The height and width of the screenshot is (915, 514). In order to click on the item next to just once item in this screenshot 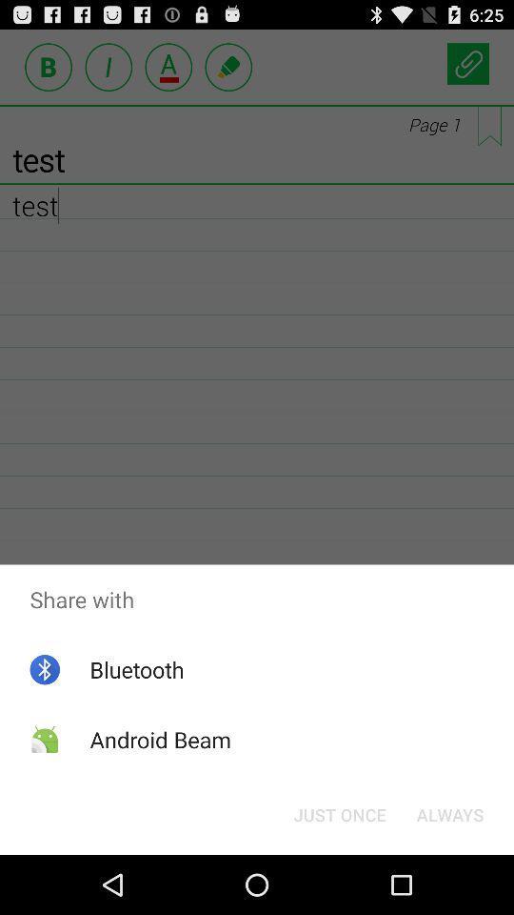, I will do `click(449, 813)`.